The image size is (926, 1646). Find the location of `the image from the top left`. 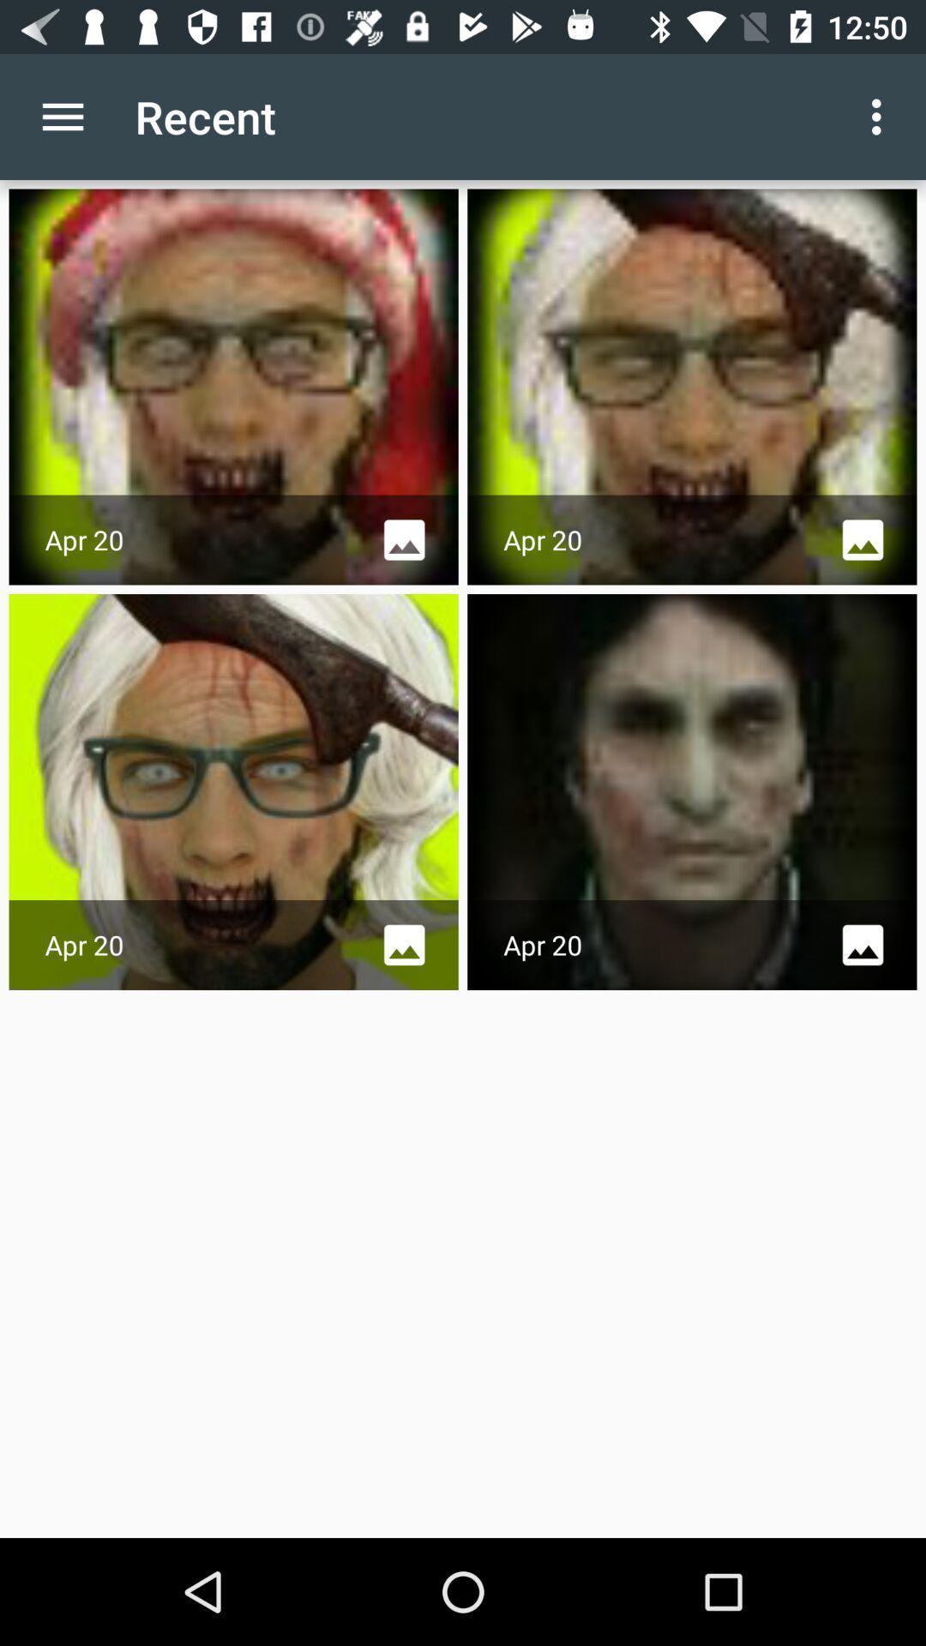

the image from the top left is located at coordinates (234, 386).